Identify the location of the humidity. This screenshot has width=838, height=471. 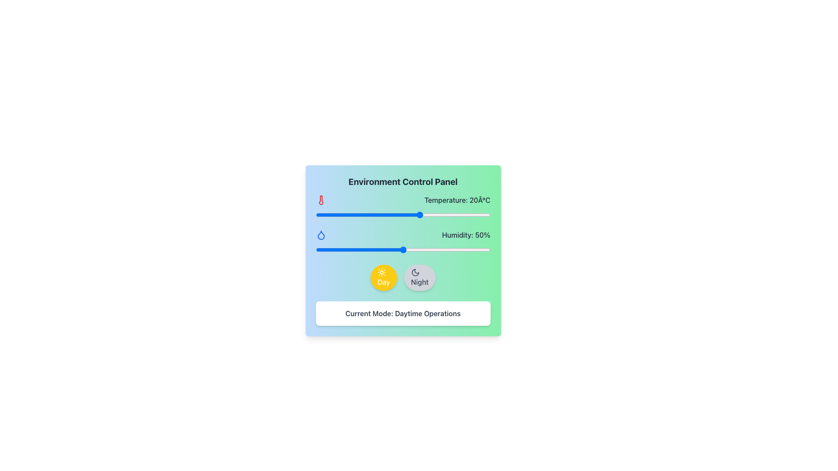
(460, 250).